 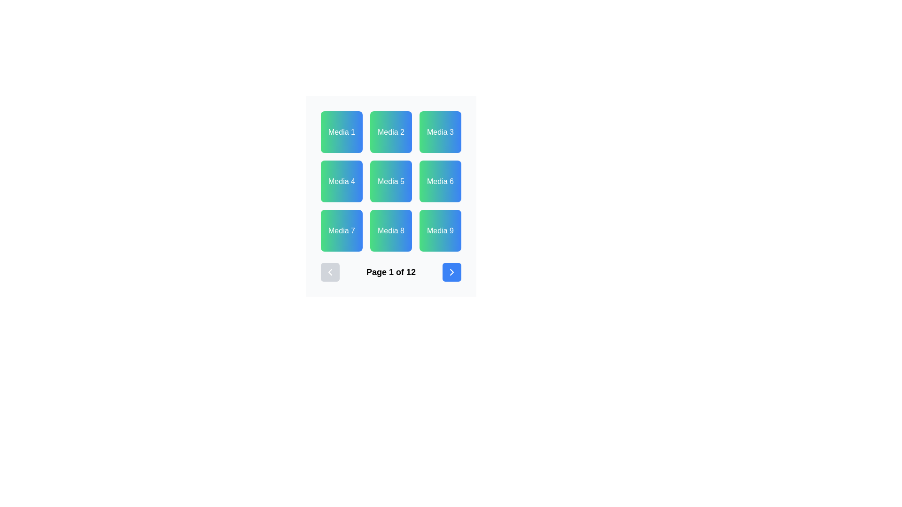 I want to click on the button located in the bottom-right corner of the navigation toolbar, which is used to navigate to the next page of paginated content, so click(x=451, y=272).